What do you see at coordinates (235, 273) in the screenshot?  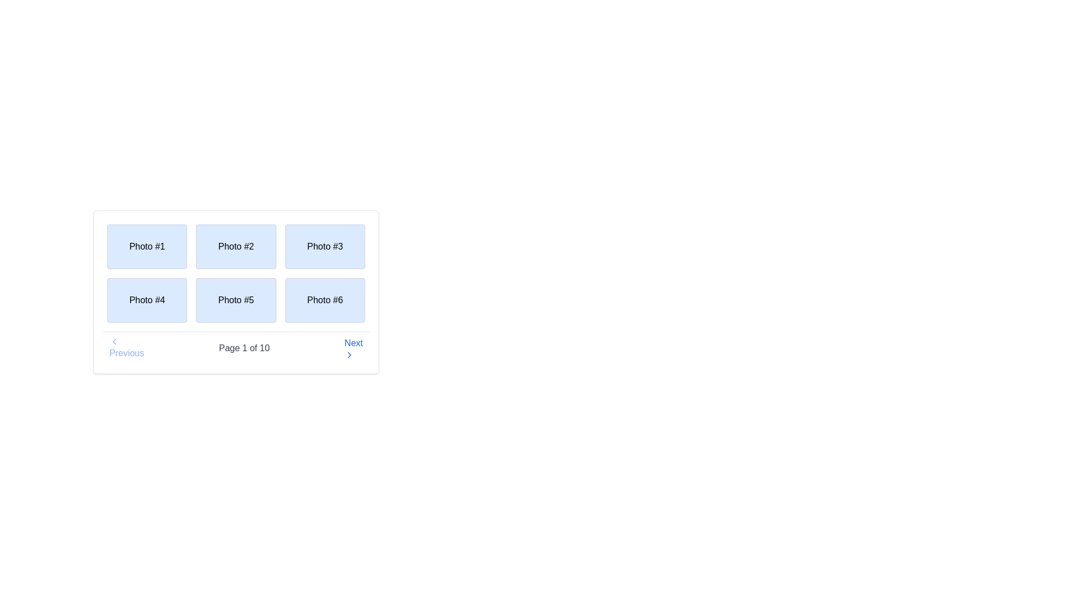 I see `individual items within the photo grid, which consists of six placeholders displayed in a grid layout, centered above the pagination section` at bounding box center [235, 273].